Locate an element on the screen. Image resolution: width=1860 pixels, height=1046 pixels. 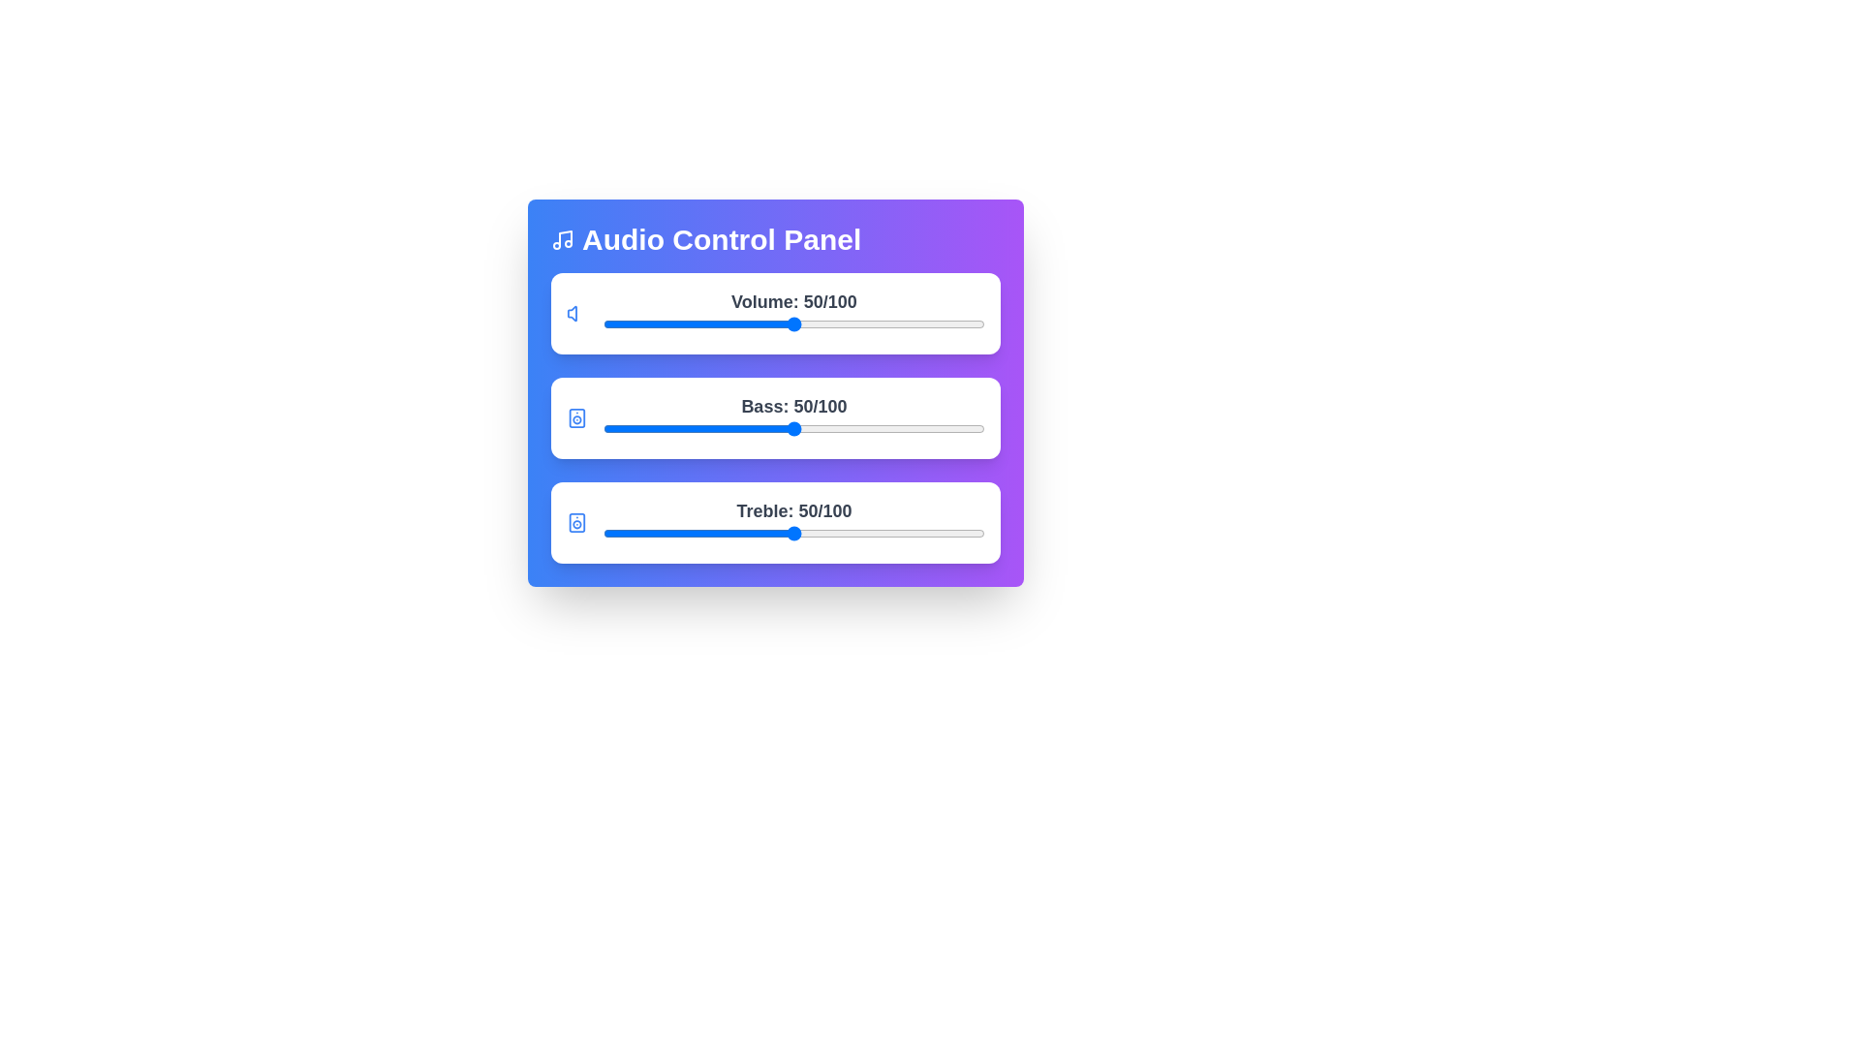
the treble slider to 17 value is located at coordinates (667, 534).